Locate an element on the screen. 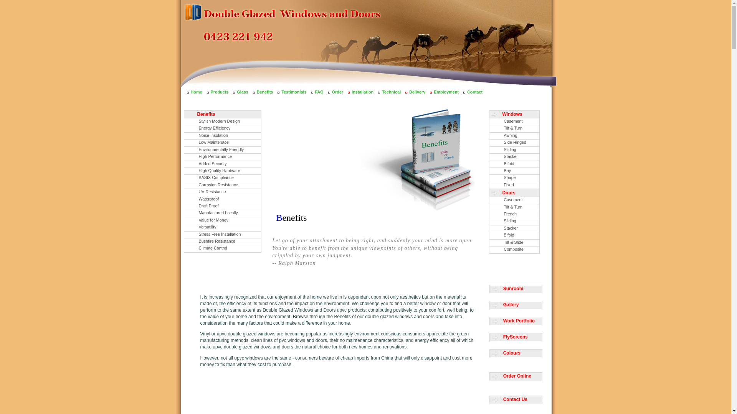 The height and width of the screenshot is (414, 737). 'Technical' is located at coordinates (391, 91).